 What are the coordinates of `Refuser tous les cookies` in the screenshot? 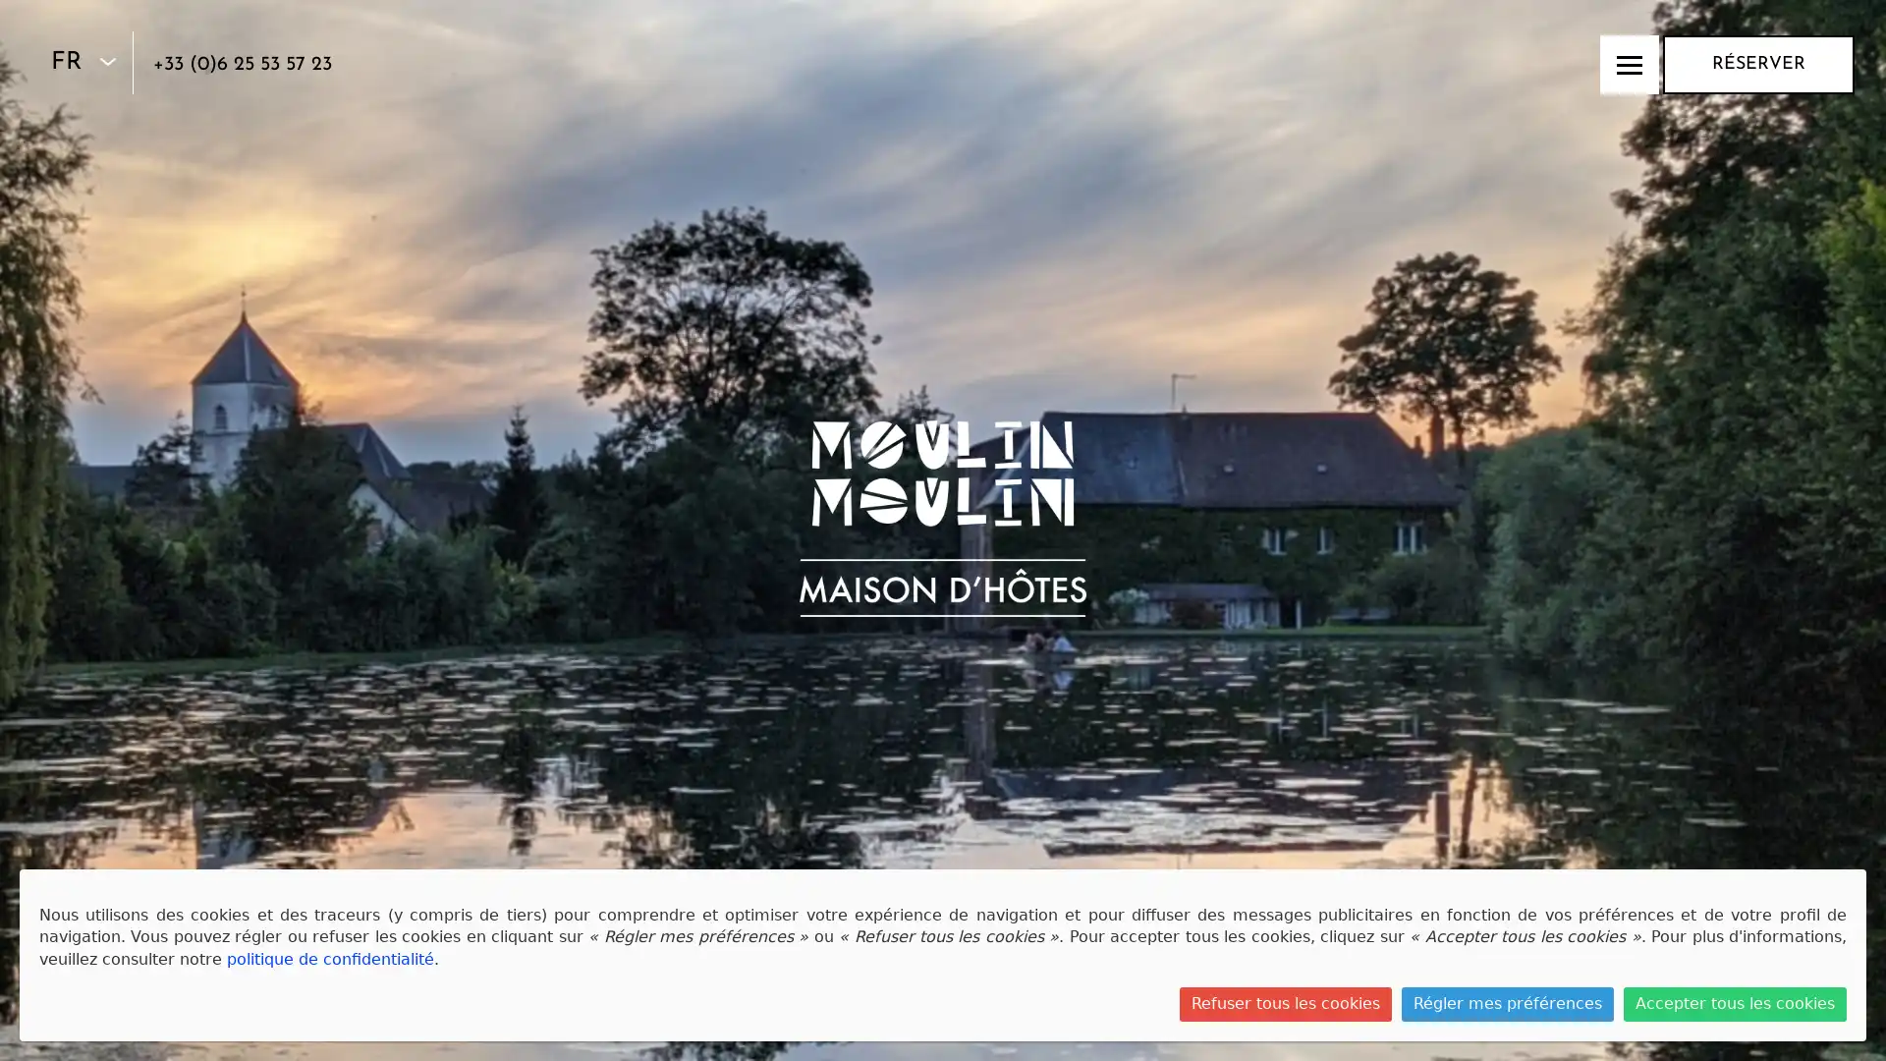 It's located at (1286, 1004).